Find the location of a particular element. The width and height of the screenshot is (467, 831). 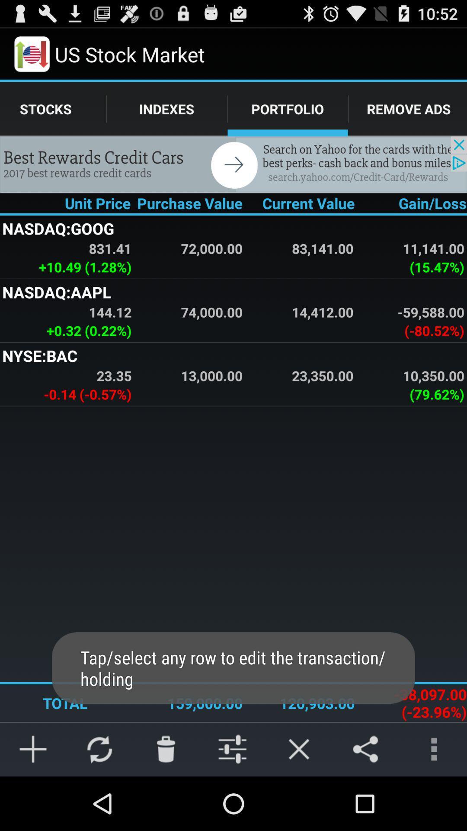

delete image in the last row is located at coordinates (166, 749).